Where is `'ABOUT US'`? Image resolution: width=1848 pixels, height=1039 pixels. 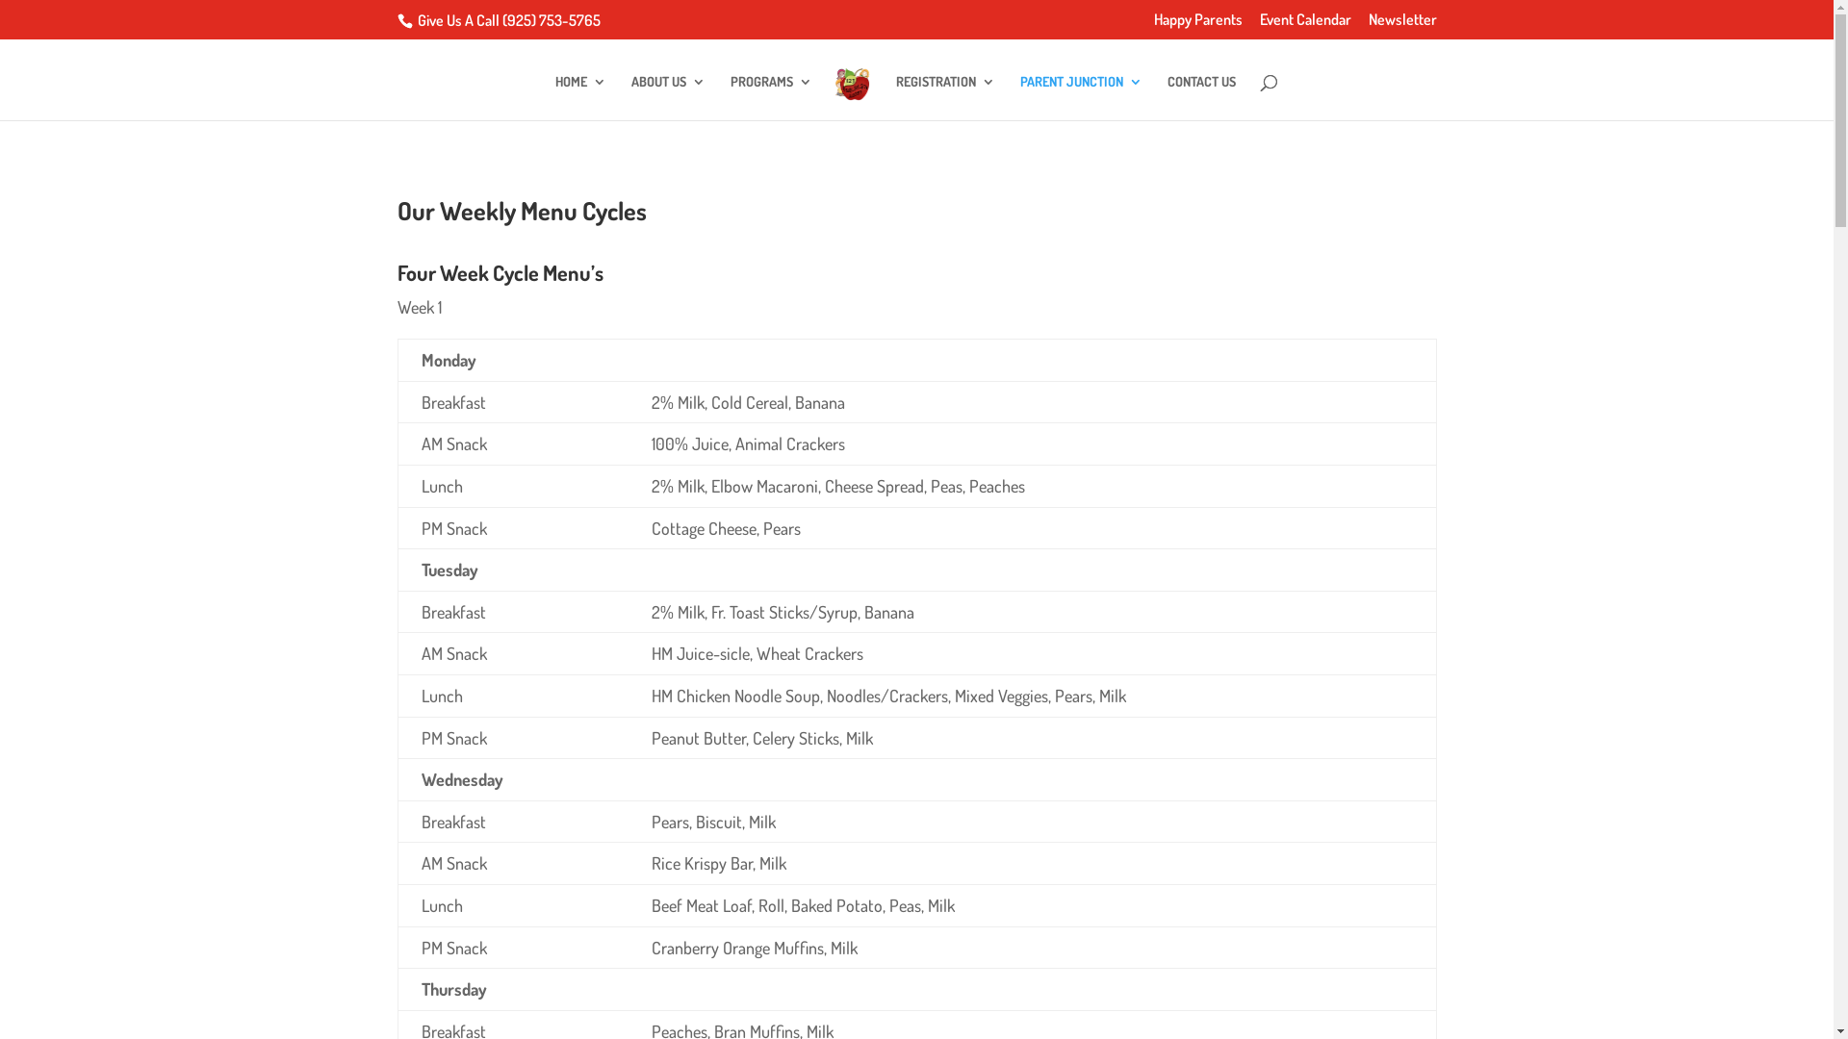 'ABOUT US' is located at coordinates (631, 97).